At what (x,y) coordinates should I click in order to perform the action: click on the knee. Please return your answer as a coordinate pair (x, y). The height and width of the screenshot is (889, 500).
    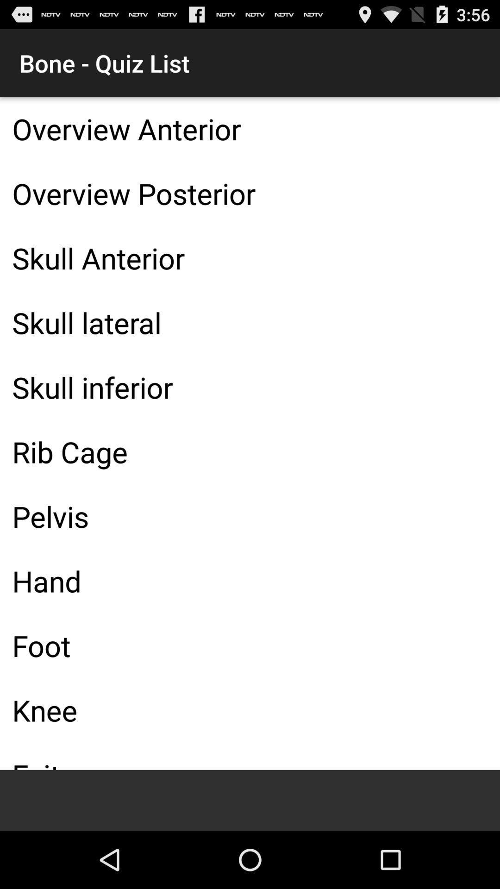
    Looking at the image, I should click on (250, 709).